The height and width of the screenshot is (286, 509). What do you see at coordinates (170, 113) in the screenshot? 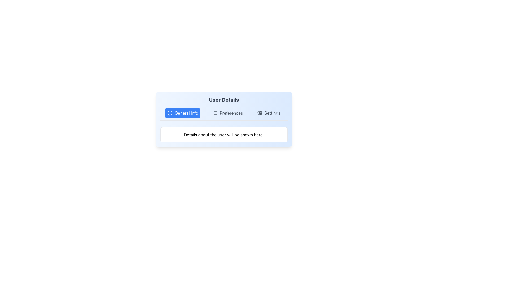
I see `the decorative circular icon within the 'General Info' section of the user details interface` at bounding box center [170, 113].